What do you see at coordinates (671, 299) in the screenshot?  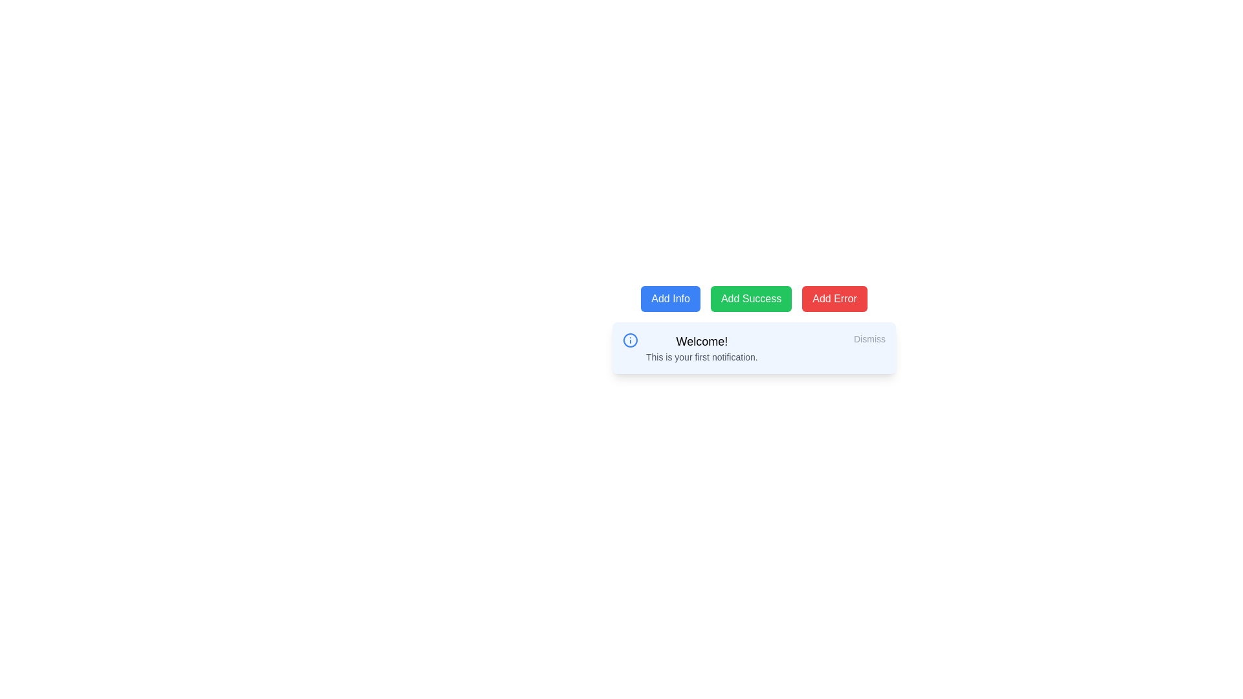 I see `the first button in the group of three buttons located near the top of the notification box` at bounding box center [671, 299].